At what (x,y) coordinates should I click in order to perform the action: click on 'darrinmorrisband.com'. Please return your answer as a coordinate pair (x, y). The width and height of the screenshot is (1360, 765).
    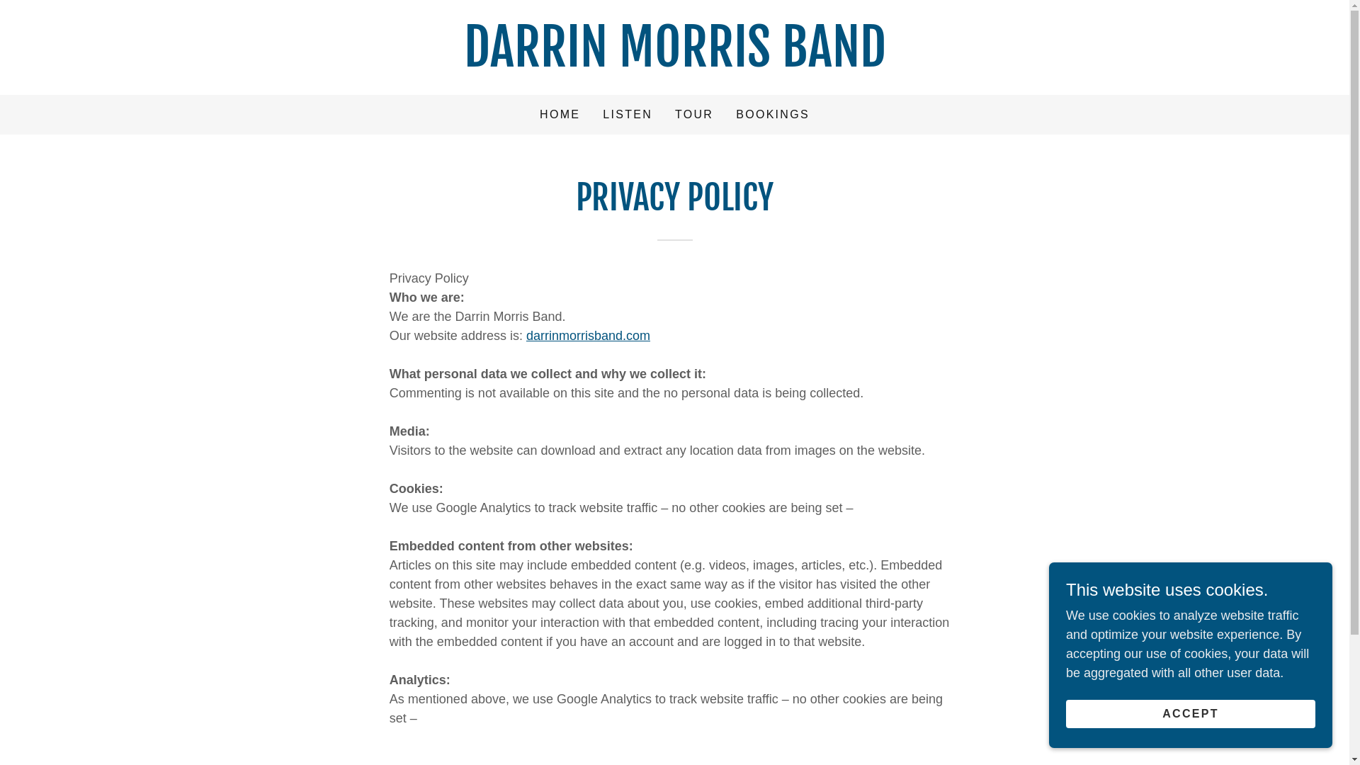
    Looking at the image, I should click on (588, 336).